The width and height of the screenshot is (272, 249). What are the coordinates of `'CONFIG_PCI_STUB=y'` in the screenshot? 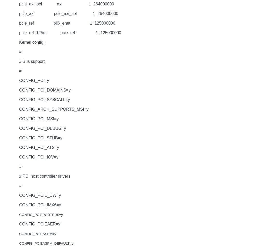 It's located at (40, 138).